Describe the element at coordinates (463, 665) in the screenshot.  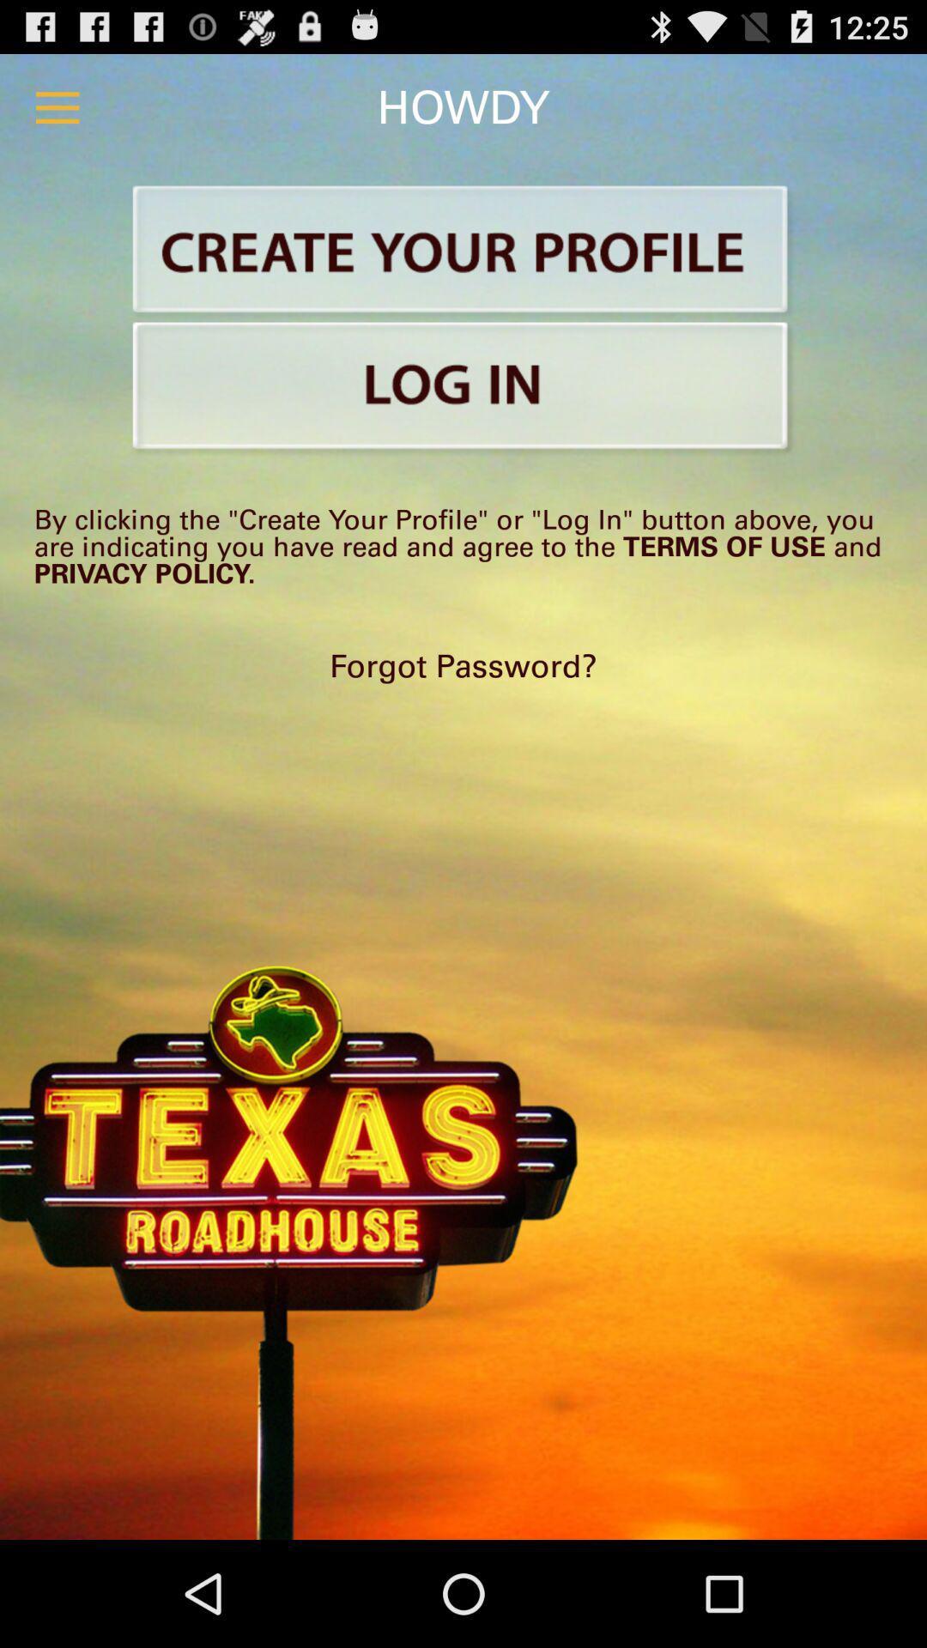
I see `the app below the by clicking the` at that location.